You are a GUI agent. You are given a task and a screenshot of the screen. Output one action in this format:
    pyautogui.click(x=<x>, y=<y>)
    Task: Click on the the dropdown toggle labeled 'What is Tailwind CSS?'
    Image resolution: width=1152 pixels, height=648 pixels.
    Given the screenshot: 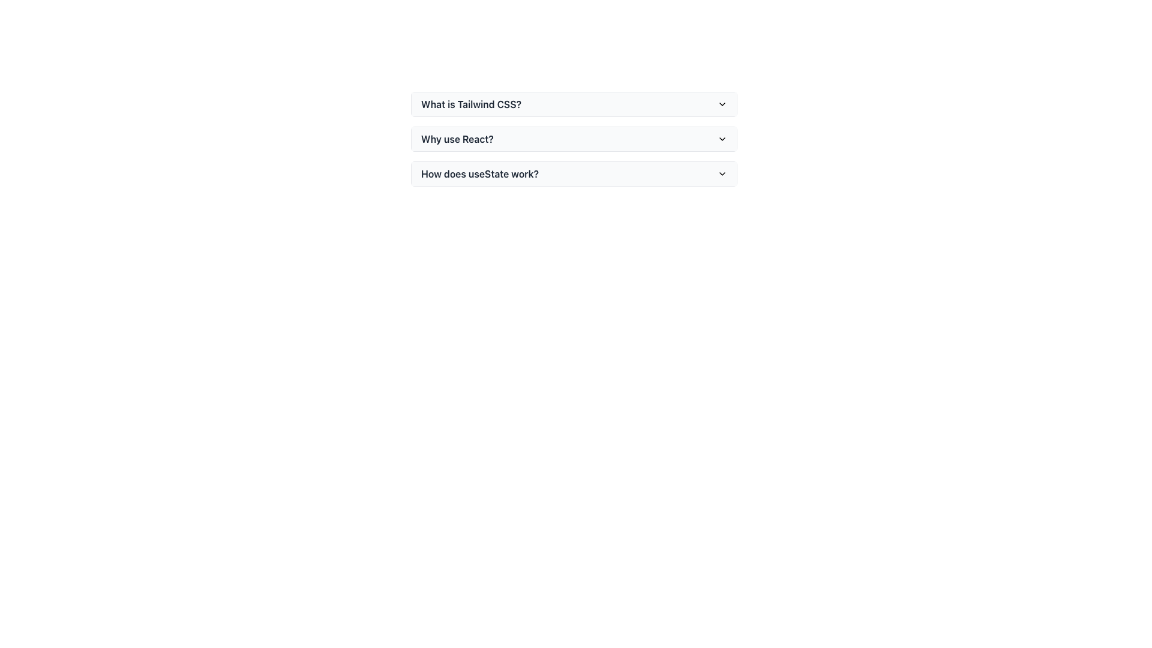 What is the action you would take?
    pyautogui.click(x=573, y=103)
    